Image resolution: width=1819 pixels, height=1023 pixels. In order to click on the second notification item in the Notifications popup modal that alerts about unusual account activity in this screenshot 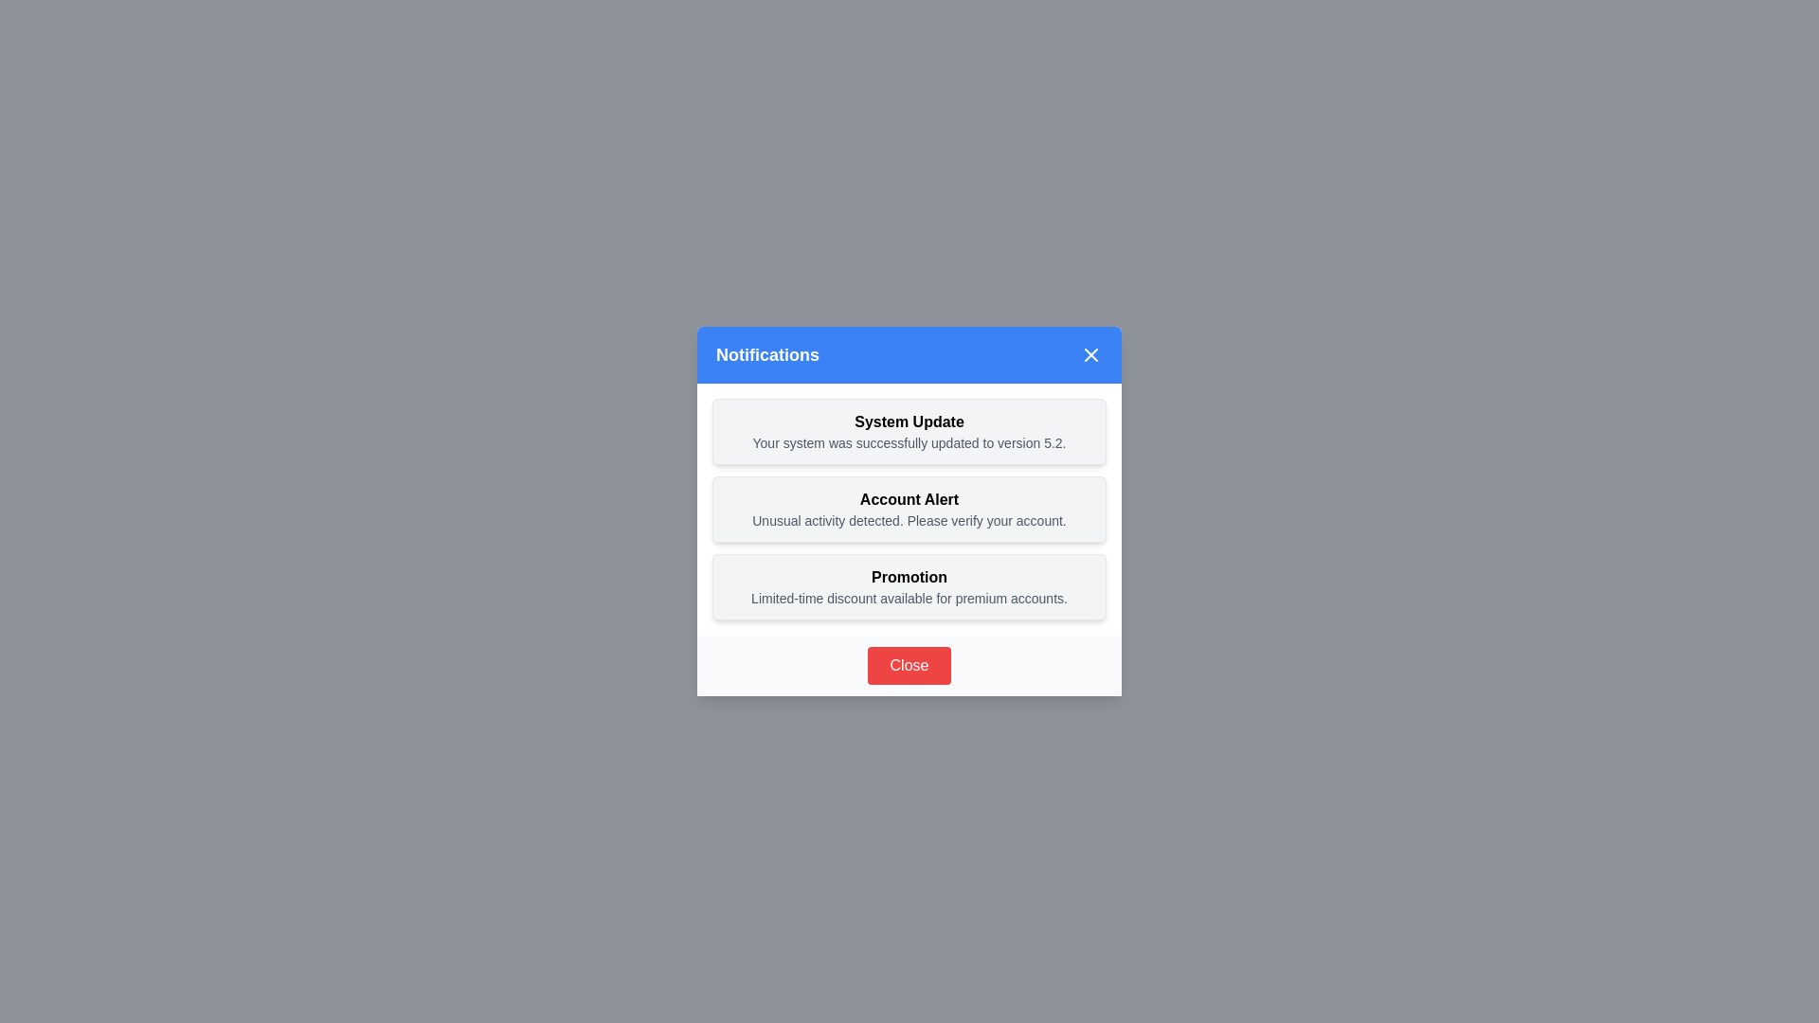, I will do `click(909, 511)`.